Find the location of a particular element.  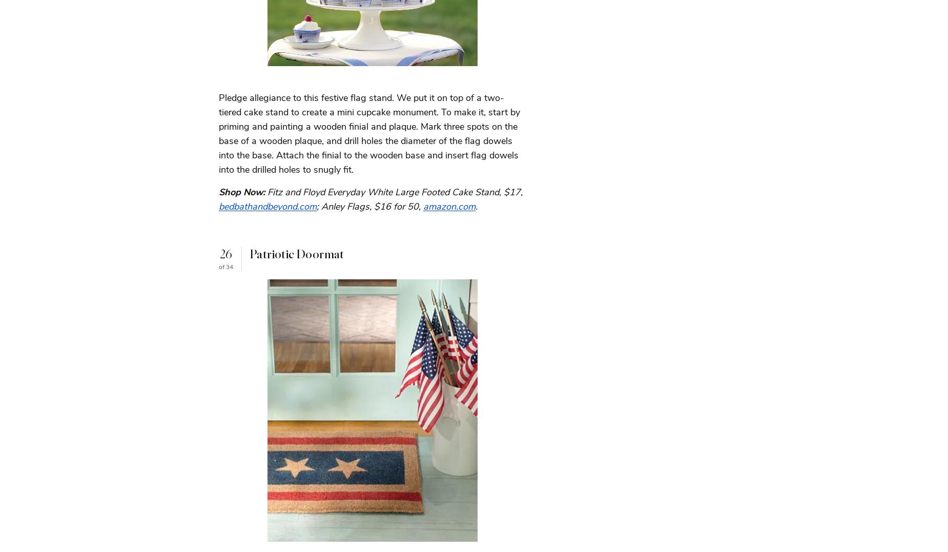

'Shop Now:' is located at coordinates (218, 192).